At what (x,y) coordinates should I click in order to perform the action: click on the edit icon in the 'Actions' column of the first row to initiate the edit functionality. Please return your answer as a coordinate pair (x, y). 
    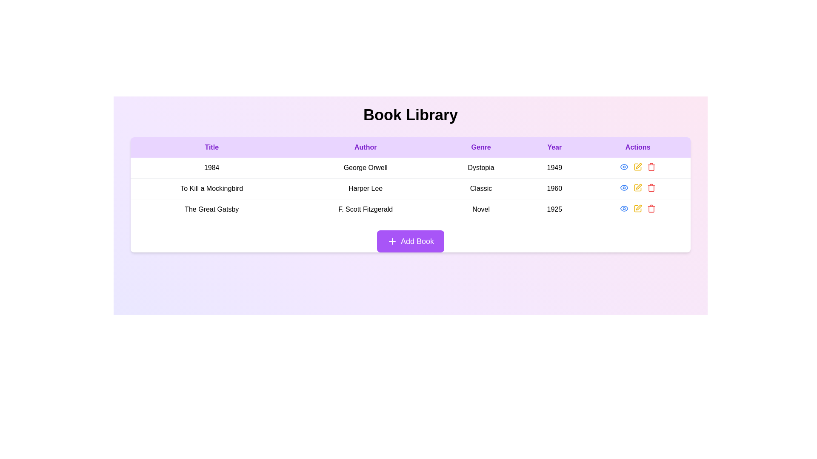
    Looking at the image, I should click on (638, 167).